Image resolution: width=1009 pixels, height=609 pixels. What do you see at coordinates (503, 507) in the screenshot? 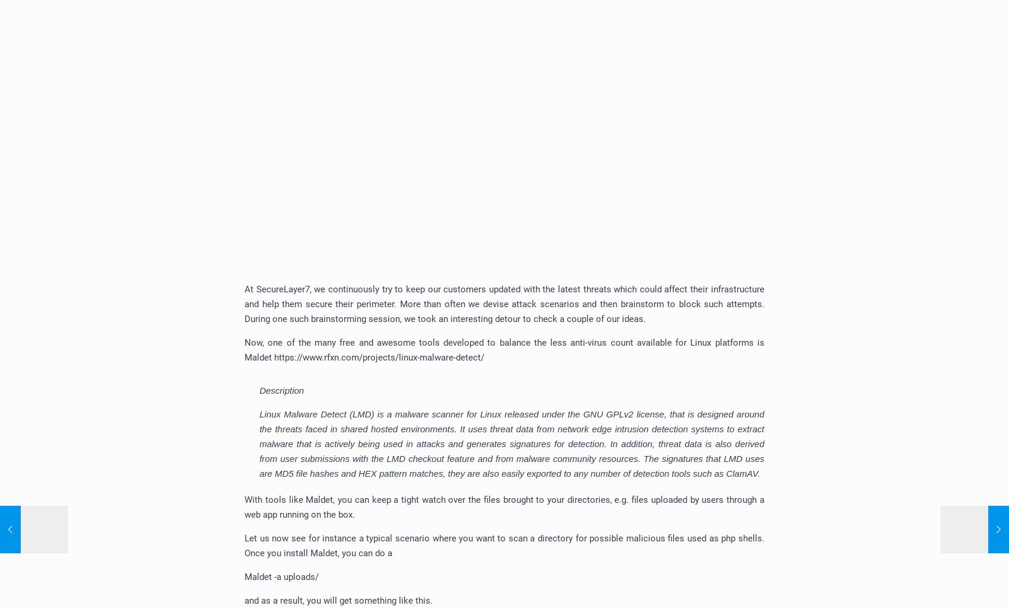
I see `'With tools like Maldet, you can keep a tight watch over the files brought to your directories, e.g. files uploaded by users through a web app running on the box.'` at bounding box center [503, 507].